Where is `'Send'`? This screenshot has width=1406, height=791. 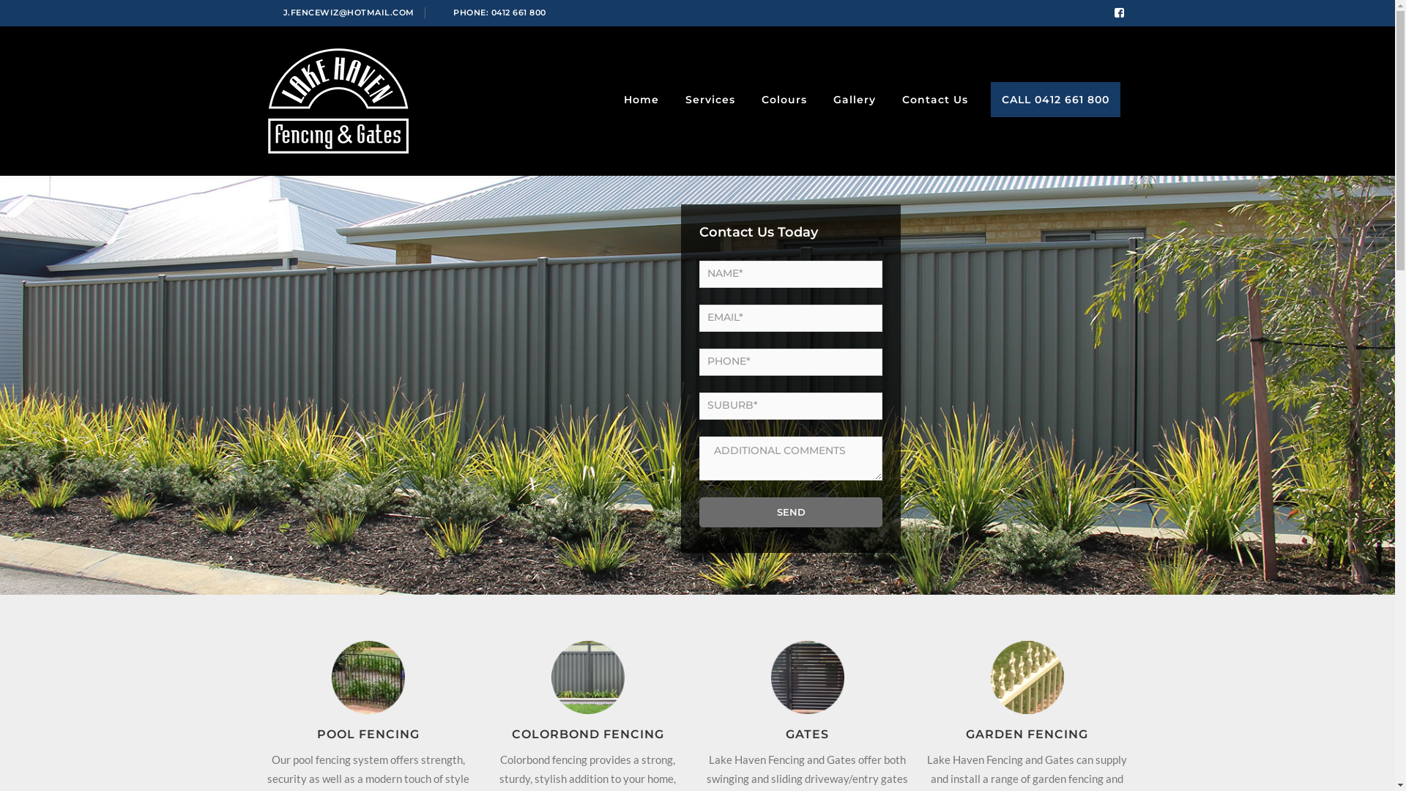 'Send' is located at coordinates (790, 511).